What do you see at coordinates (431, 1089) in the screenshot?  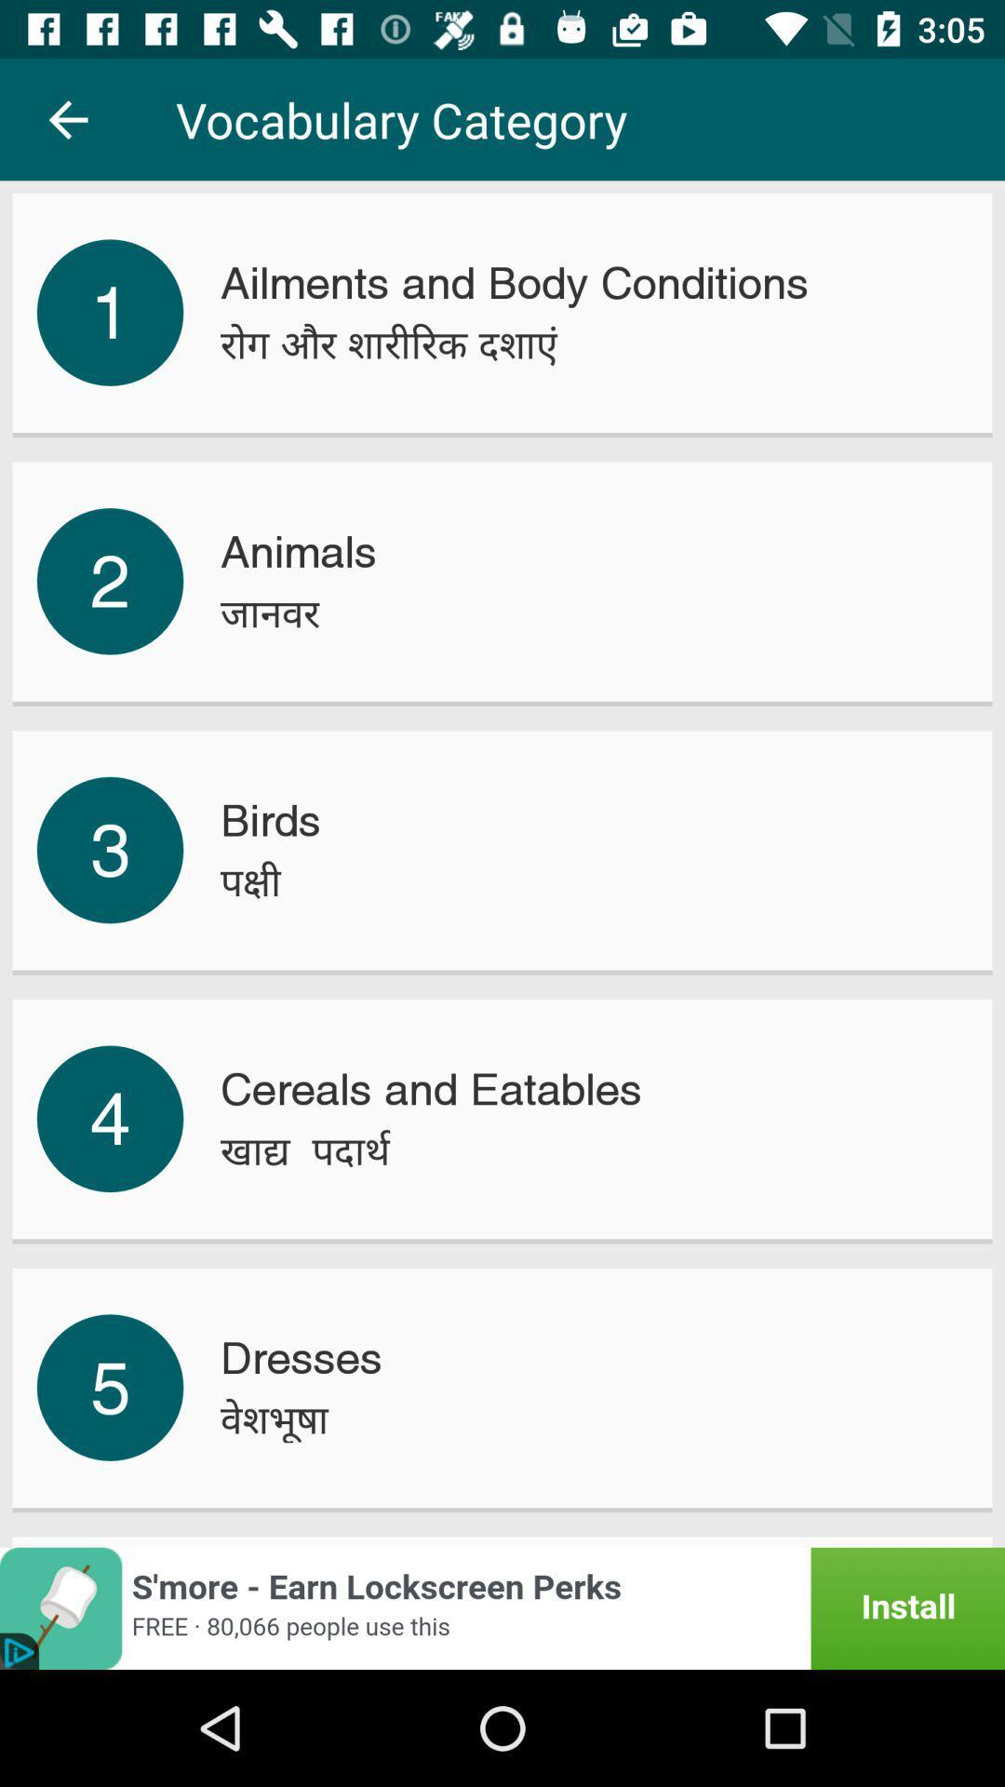 I see `the cereals and eatables` at bounding box center [431, 1089].